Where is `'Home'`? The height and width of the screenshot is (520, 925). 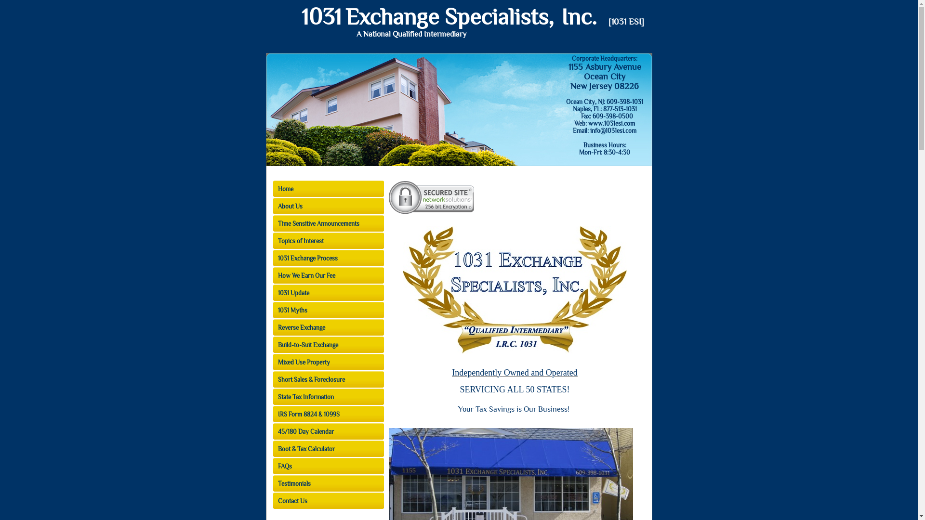
'Home' is located at coordinates (328, 189).